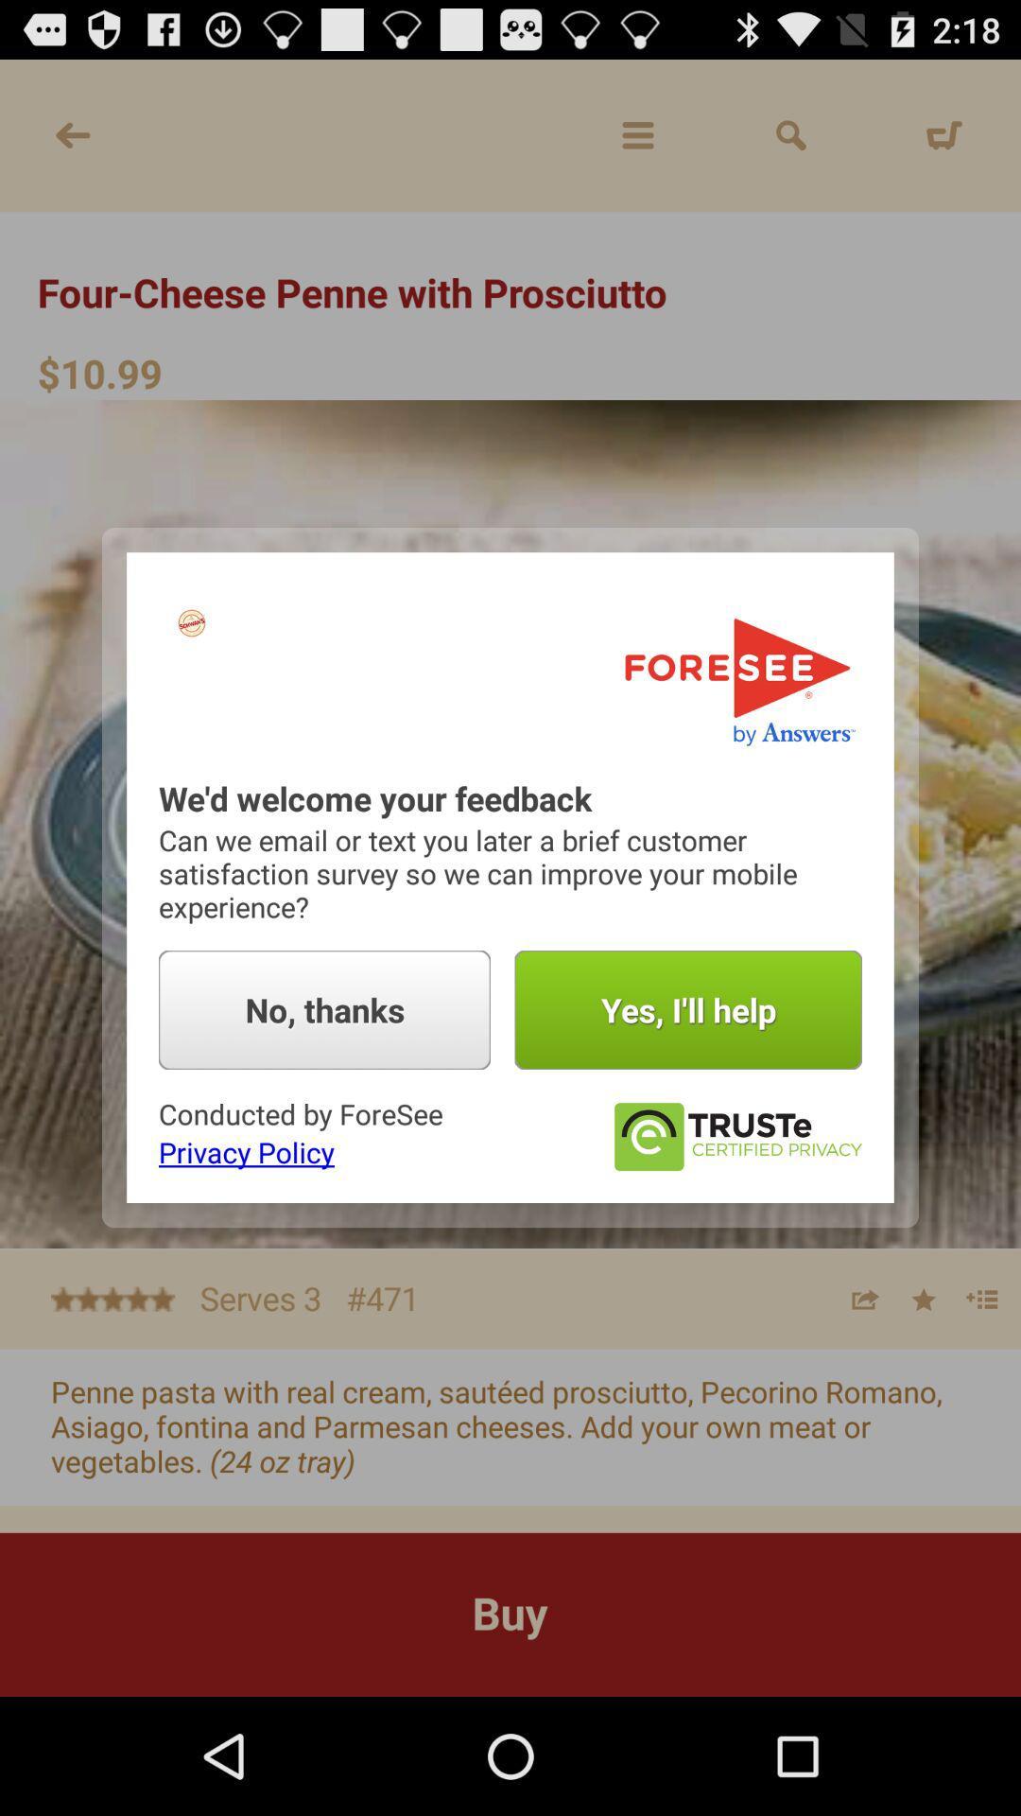 Image resolution: width=1021 pixels, height=1816 pixels. I want to click on the yes i ll button, so click(688, 1009).